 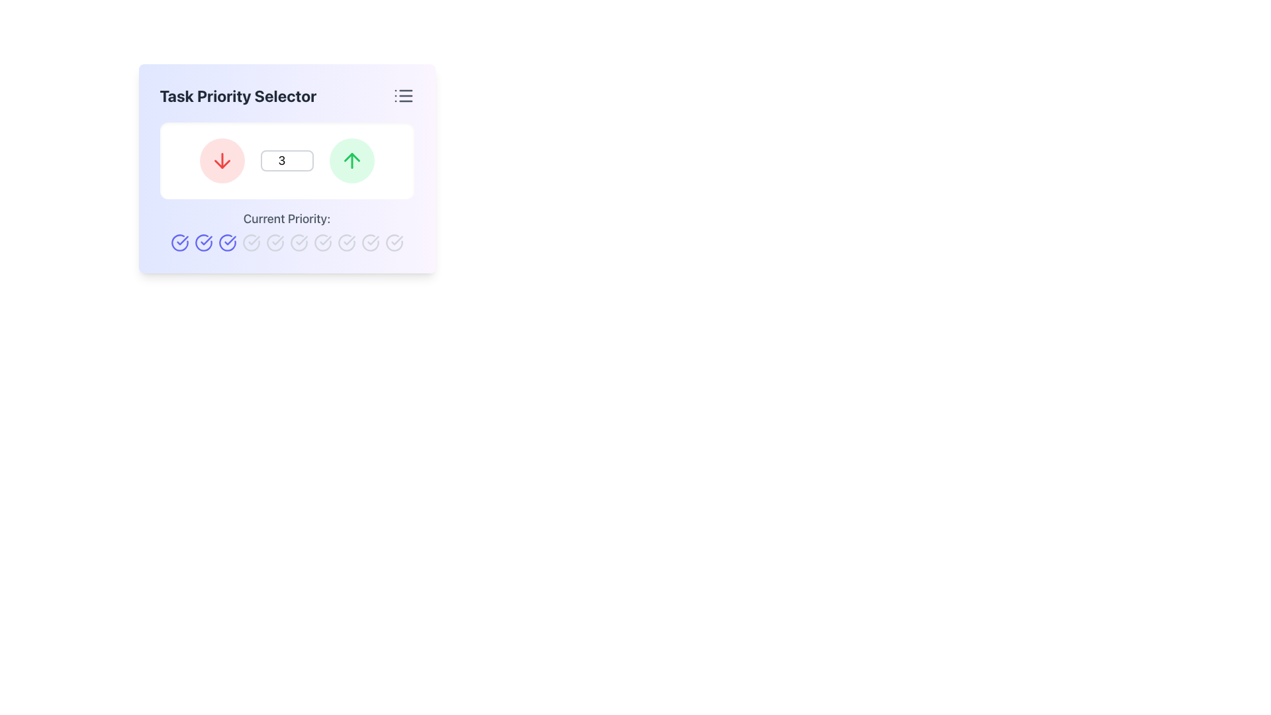 What do you see at coordinates (322, 242) in the screenshot?
I see `the circled checkmark icon with a gray outline located as the eighth item in the row of icons under the 'Current Priority' label in the 'Task Priority Selector' component` at bounding box center [322, 242].